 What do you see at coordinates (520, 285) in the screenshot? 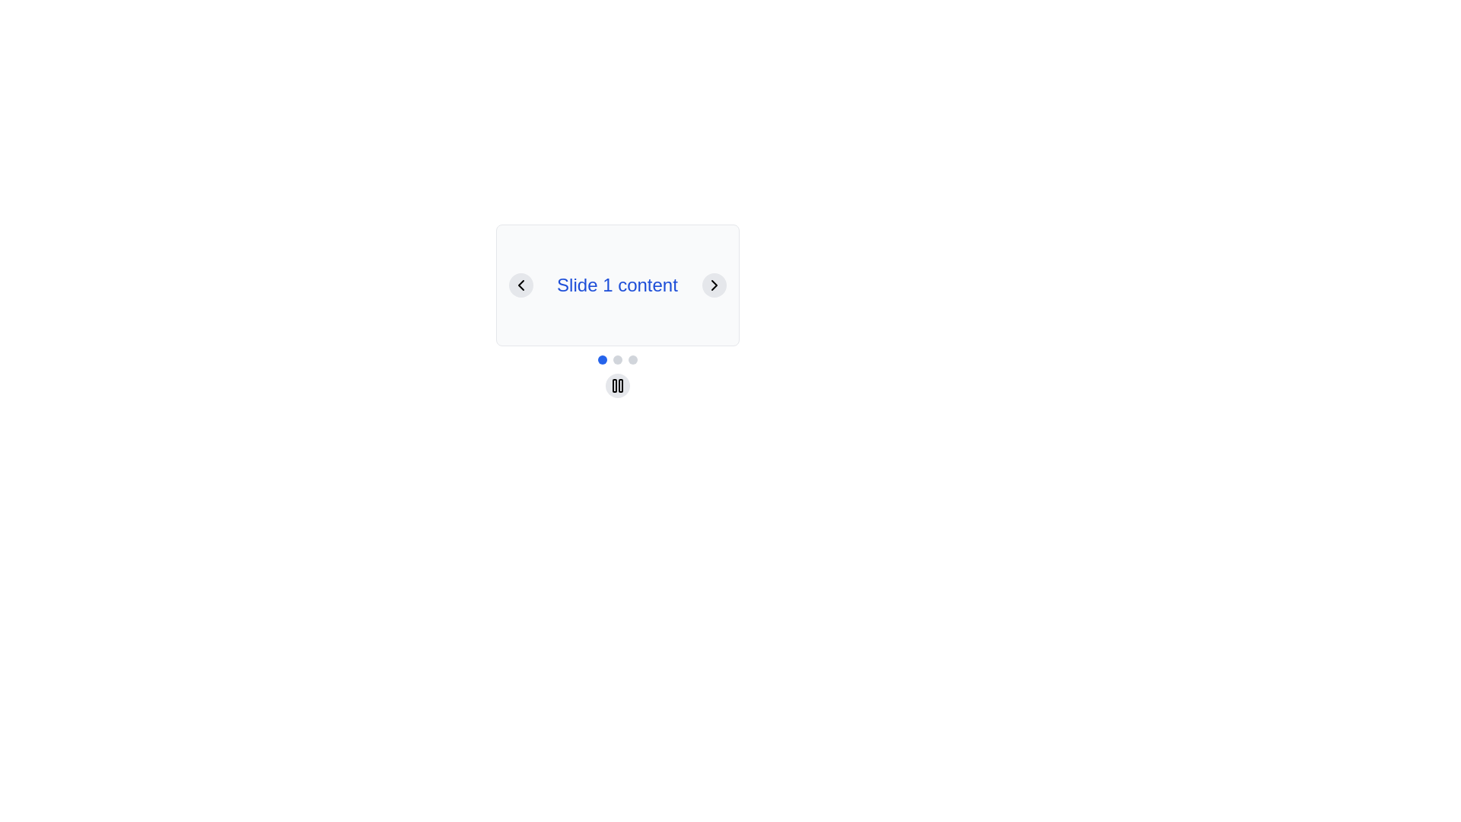
I see `the circular button with a gray background and a left-pointing black chevron icon` at bounding box center [520, 285].